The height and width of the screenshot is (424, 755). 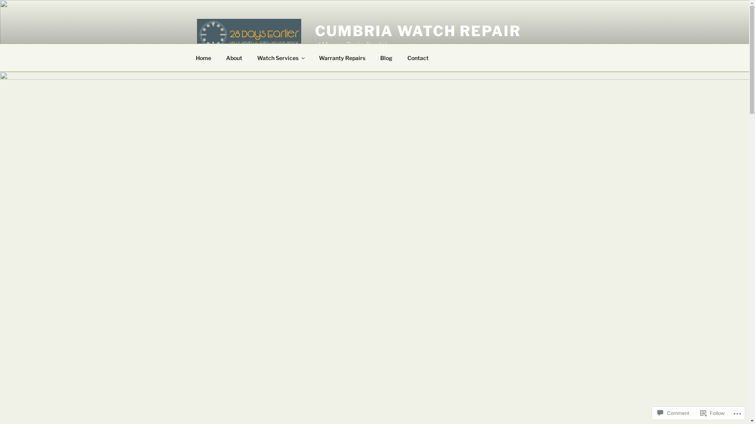 I want to click on 'Home', so click(x=203, y=57).